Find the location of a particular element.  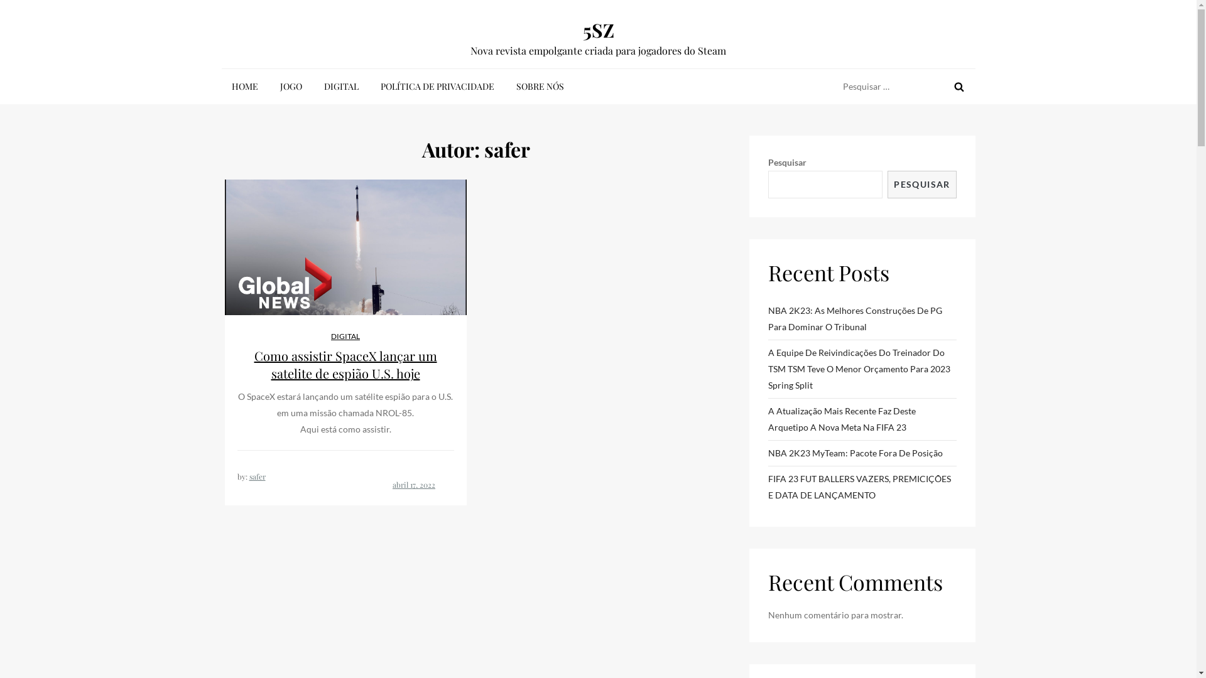

'abril 17, 2022' is located at coordinates (413, 483).